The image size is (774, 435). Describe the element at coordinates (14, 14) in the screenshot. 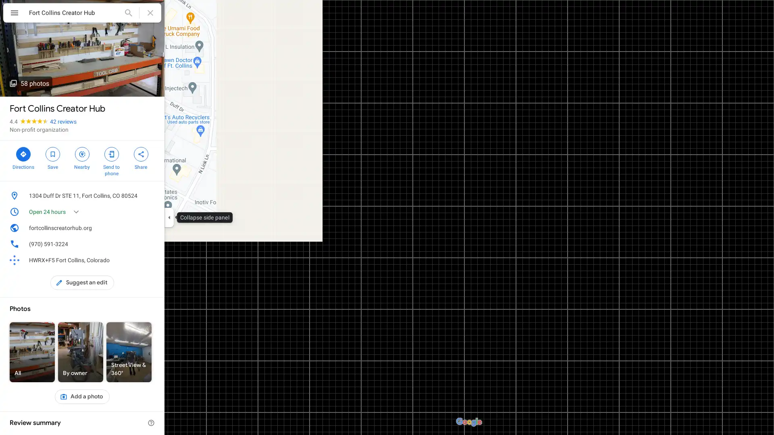

I see `Menu` at that location.